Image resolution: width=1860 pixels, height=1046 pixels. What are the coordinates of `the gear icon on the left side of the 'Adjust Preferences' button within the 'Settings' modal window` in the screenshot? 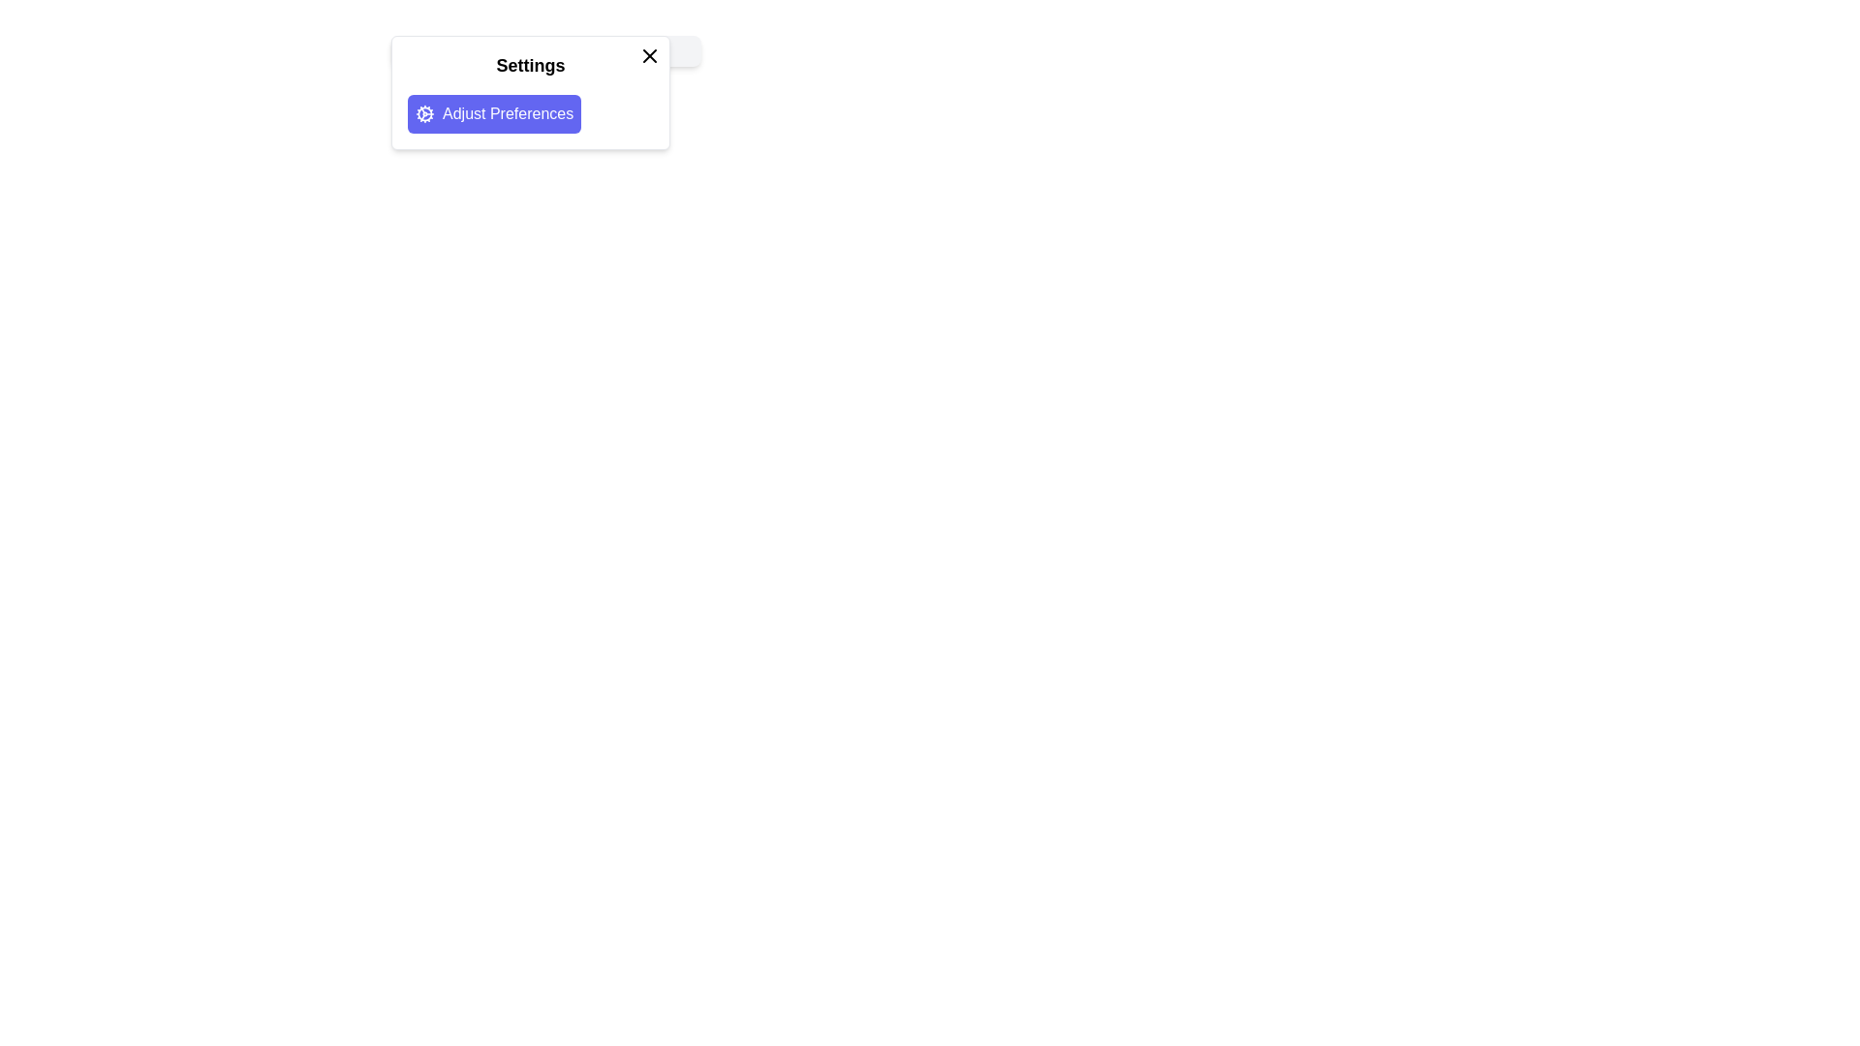 It's located at (423, 114).